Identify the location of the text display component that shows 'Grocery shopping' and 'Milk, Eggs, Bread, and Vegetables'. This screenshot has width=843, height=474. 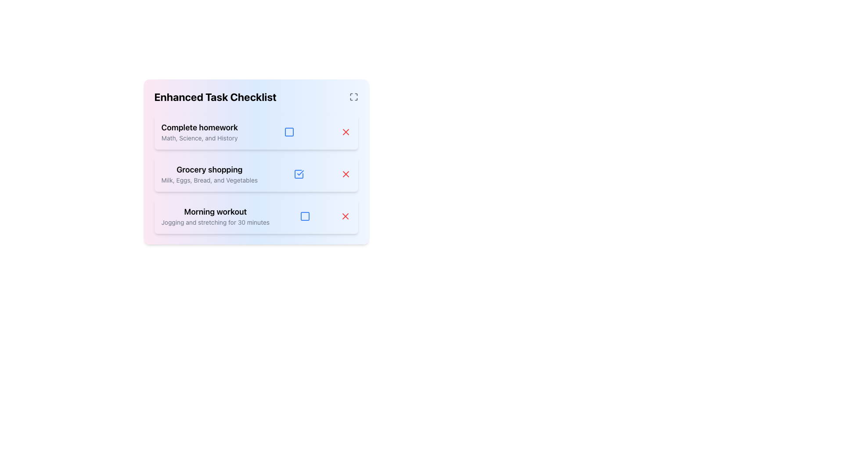
(209, 174).